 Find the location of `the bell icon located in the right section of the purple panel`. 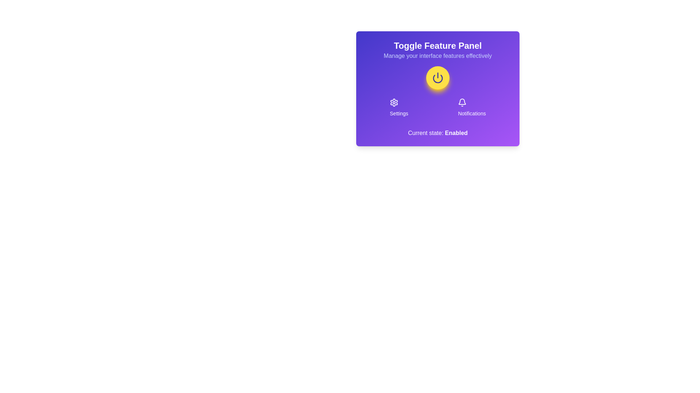

the bell icon located in the right section of the purple panel is located at coordinates (462, 101).